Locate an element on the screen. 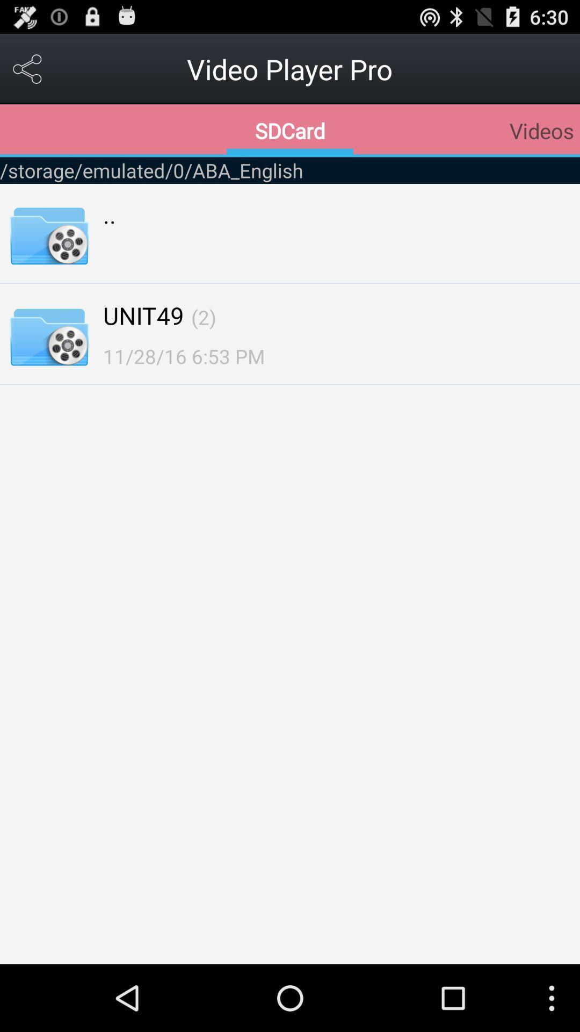 This screenshot has height=1032, width=580. option menu is located at coordinates (27, 68).